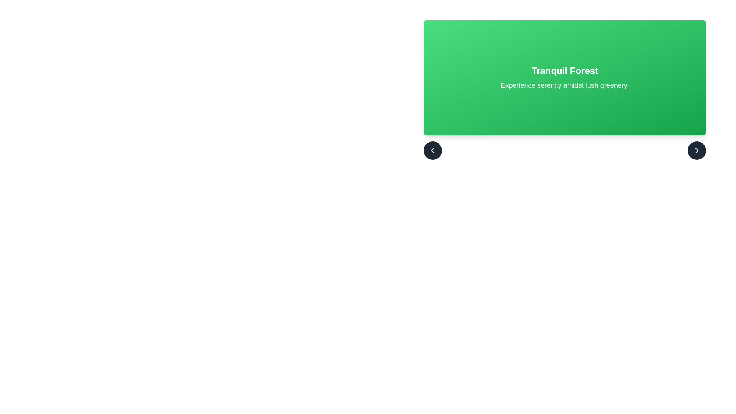 This screenshot has width=736, height=414. Describe the element at coordinates (432, 151) in the screenshot. I see `the chevron icon contained within the circular button located at the bottom-left corner of the green card labeled 'Tranquil Forest' by clicking on it` at that location.